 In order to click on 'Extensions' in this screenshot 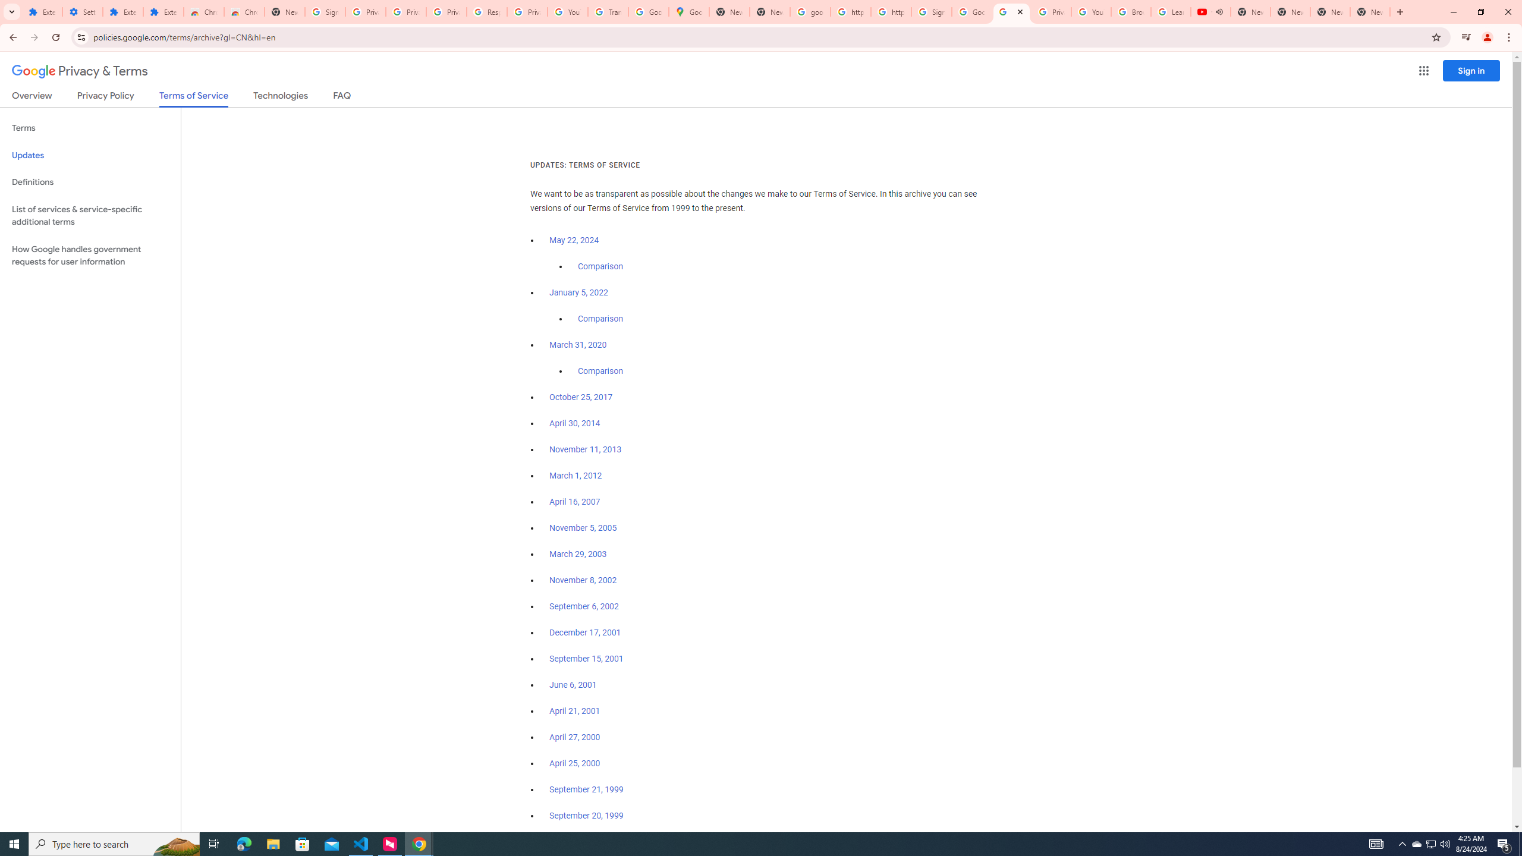, I will do `click(42, 11)`.